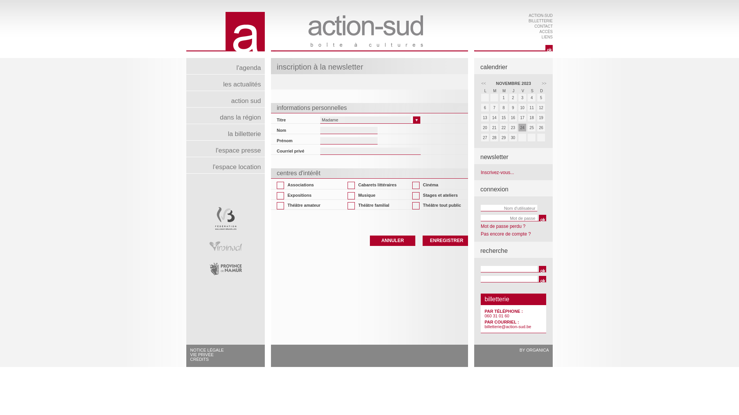  What do you see at coordinates (531, 117) in the screenshot?
I see `'18'` at bounding box center [531, 117].